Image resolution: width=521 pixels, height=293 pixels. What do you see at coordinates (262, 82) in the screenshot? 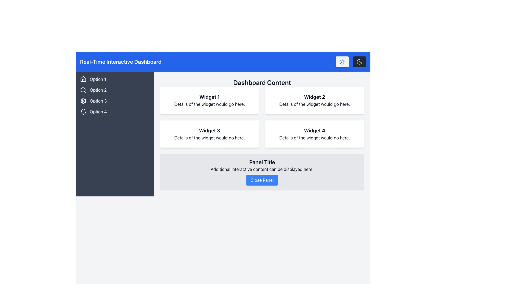
I see `the text element 'Dashboard Content' which is styled with a larger font size and bold typeface, located at the top center of the dashboard's main content area, directly below the blue header bar` at bounding box center [262, 82].